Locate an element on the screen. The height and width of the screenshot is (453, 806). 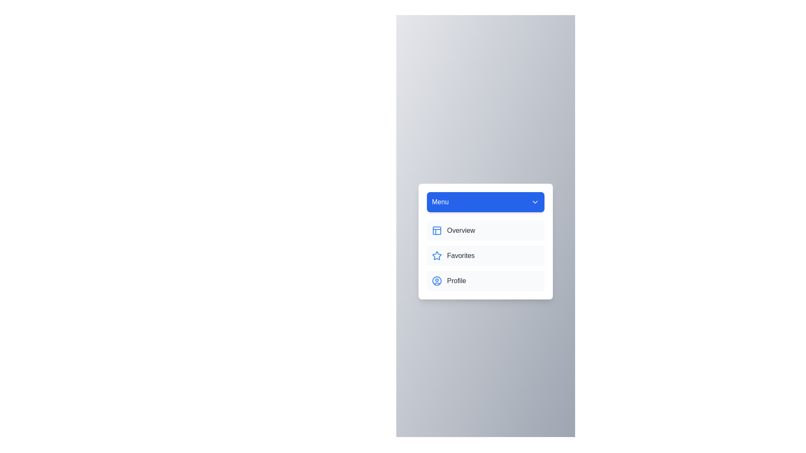
the Favorites from the menu is located at coordinates (485, 255).